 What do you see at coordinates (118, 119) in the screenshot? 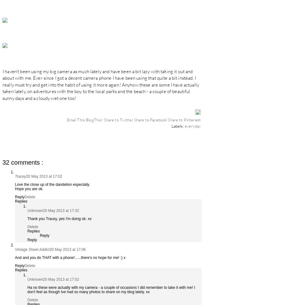
I see `'Share to Twitter'` at bounding box center [118, 119].